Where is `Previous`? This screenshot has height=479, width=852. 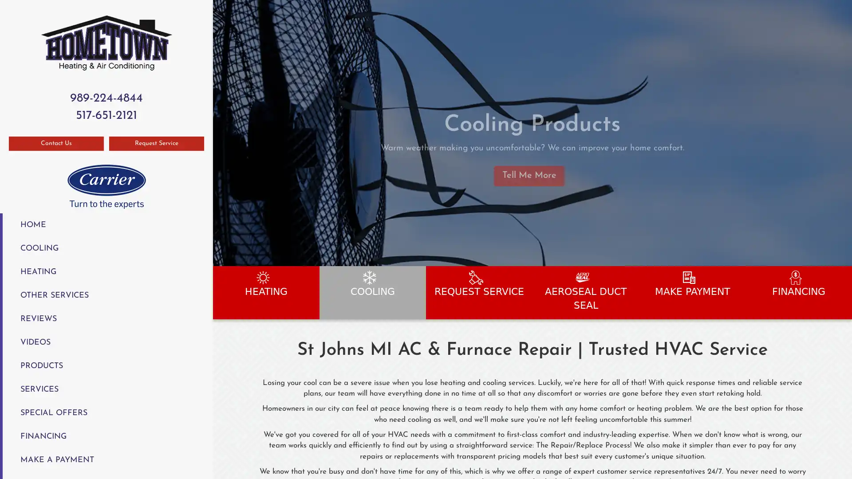 Previous is located at coordinates (221, 133).